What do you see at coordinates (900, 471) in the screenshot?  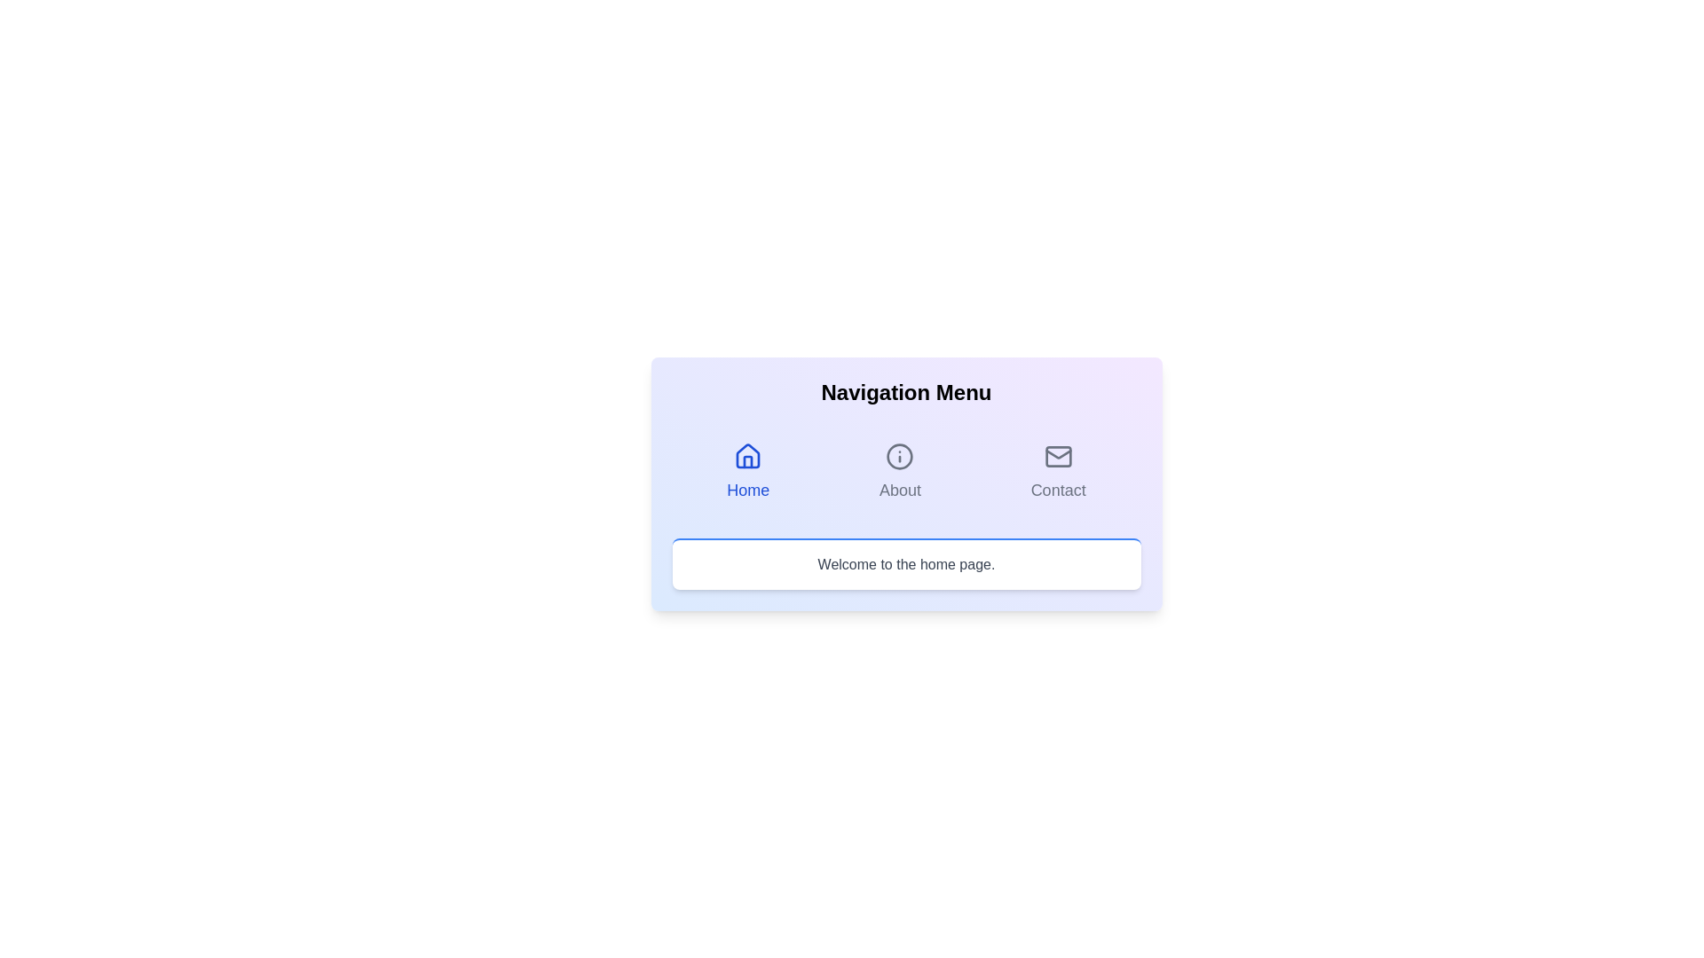 I see `the About tab in the navigation menu` at bounding box center [900, 471].